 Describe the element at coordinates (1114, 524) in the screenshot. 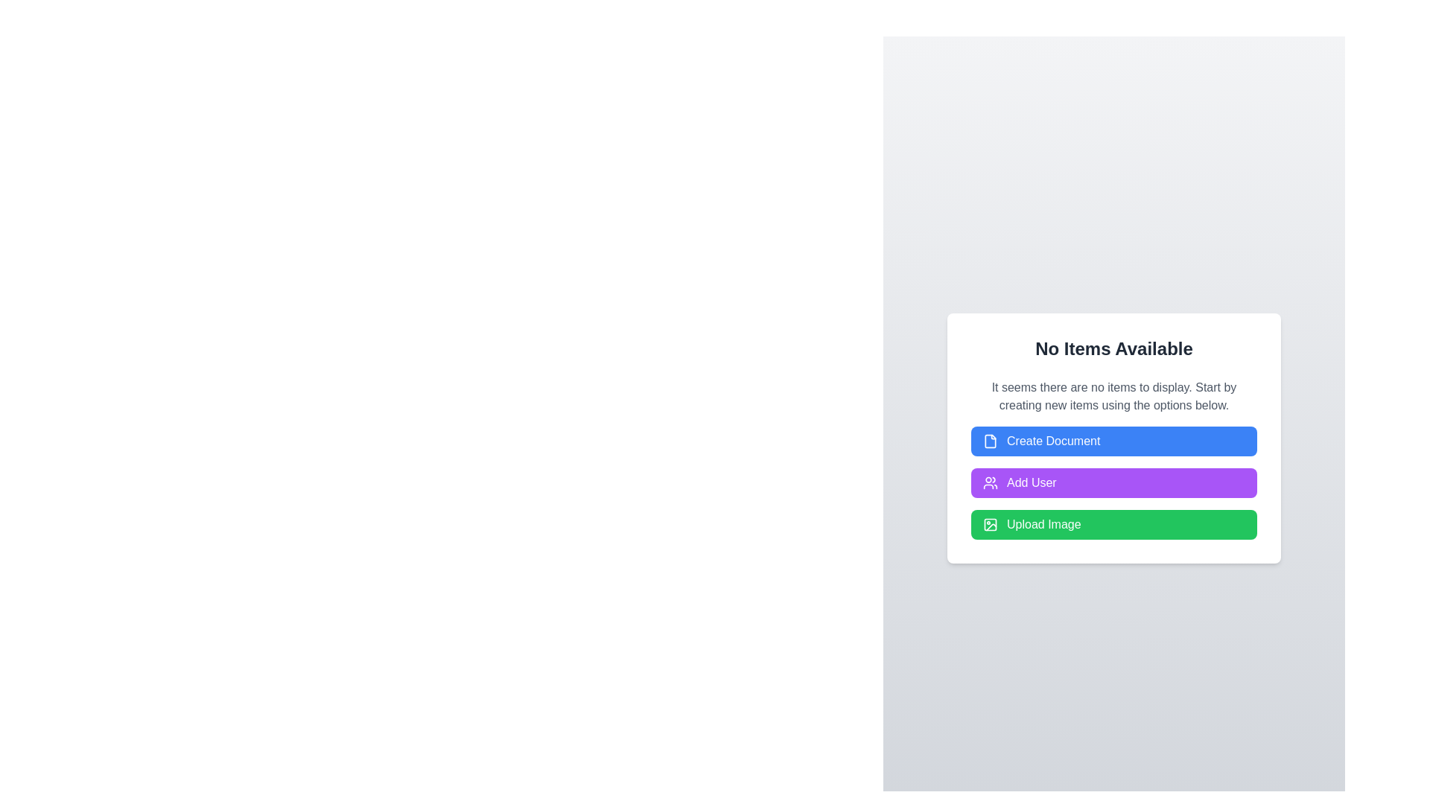

I see `the image upload button, which is the last button in a vertical stack within a white card modal, to change its background color to a darker green` at that location.